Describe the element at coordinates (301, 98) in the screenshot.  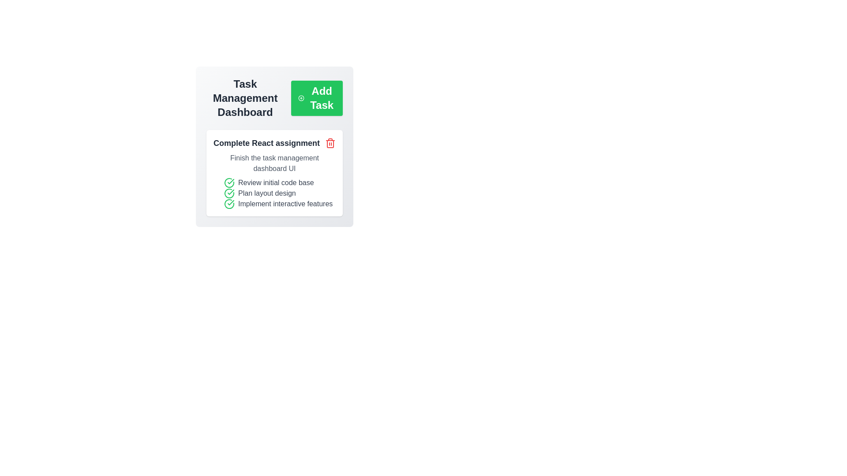
I see `the circular green icon with a plus sign in the middle, part of the 'Add Task' button` at that location.